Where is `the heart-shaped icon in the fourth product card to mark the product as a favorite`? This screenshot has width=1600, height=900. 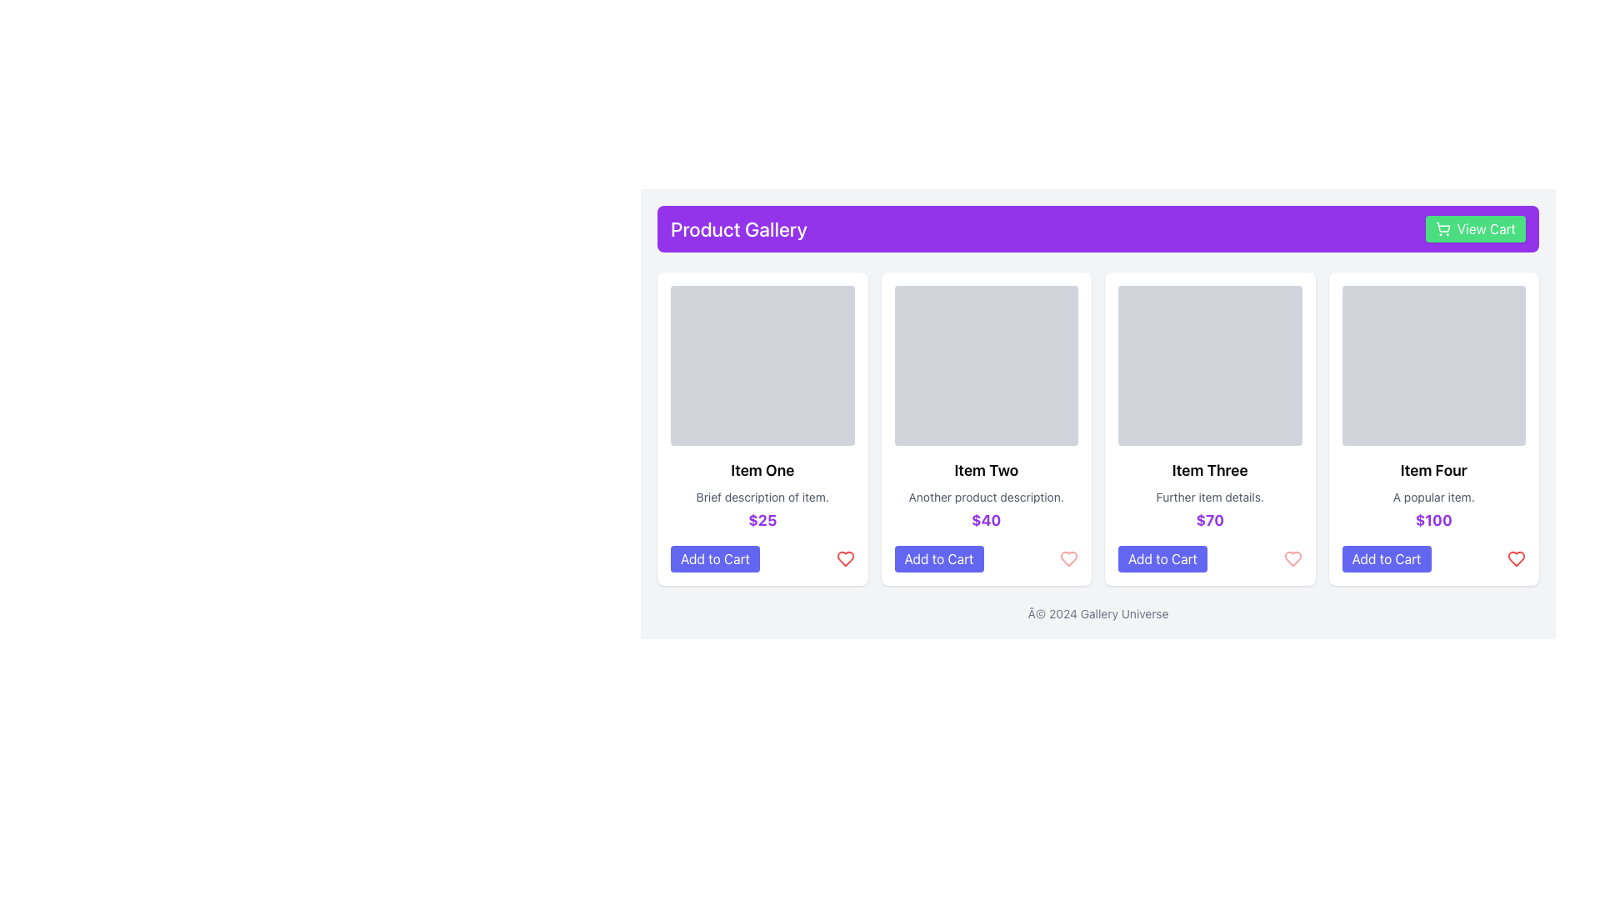 the heart-shaped icon in the fourth product card to mark the product as a favorite is located at coordinates (1516, 559).